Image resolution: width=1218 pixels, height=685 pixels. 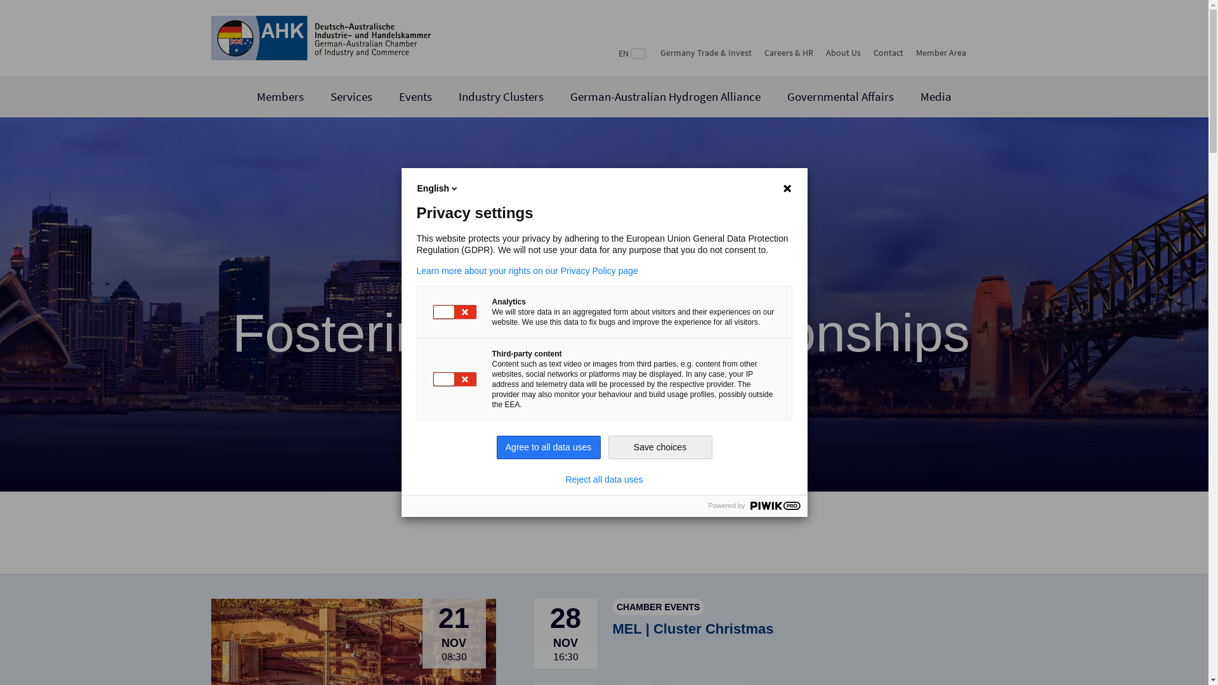 What do you see at coordinates (763, 52) in the screenshot?
I see `'Careers & HR'` at bounding box center [763, 52].